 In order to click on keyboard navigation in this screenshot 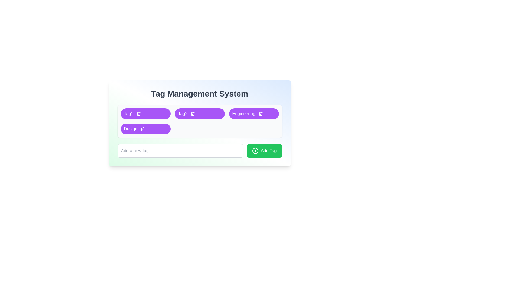, I will do `click(255, 151)`.